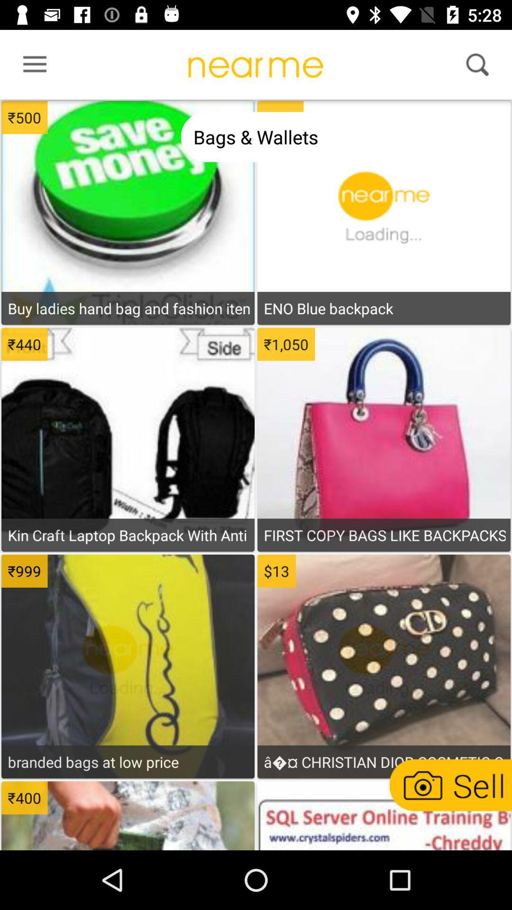 Image resolution: width=512 pixels, height=910 pixels. I want to click on item page, so click(128, 817).